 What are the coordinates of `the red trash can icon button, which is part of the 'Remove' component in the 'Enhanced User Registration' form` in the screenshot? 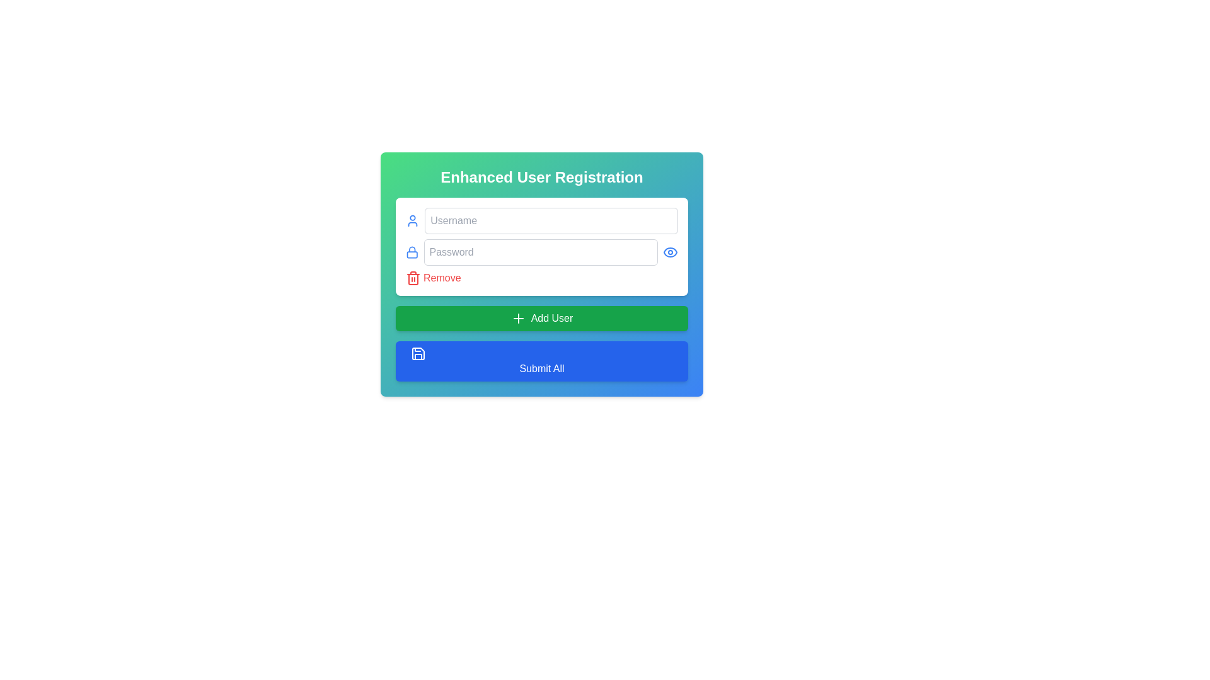 It's located at (413, 278).